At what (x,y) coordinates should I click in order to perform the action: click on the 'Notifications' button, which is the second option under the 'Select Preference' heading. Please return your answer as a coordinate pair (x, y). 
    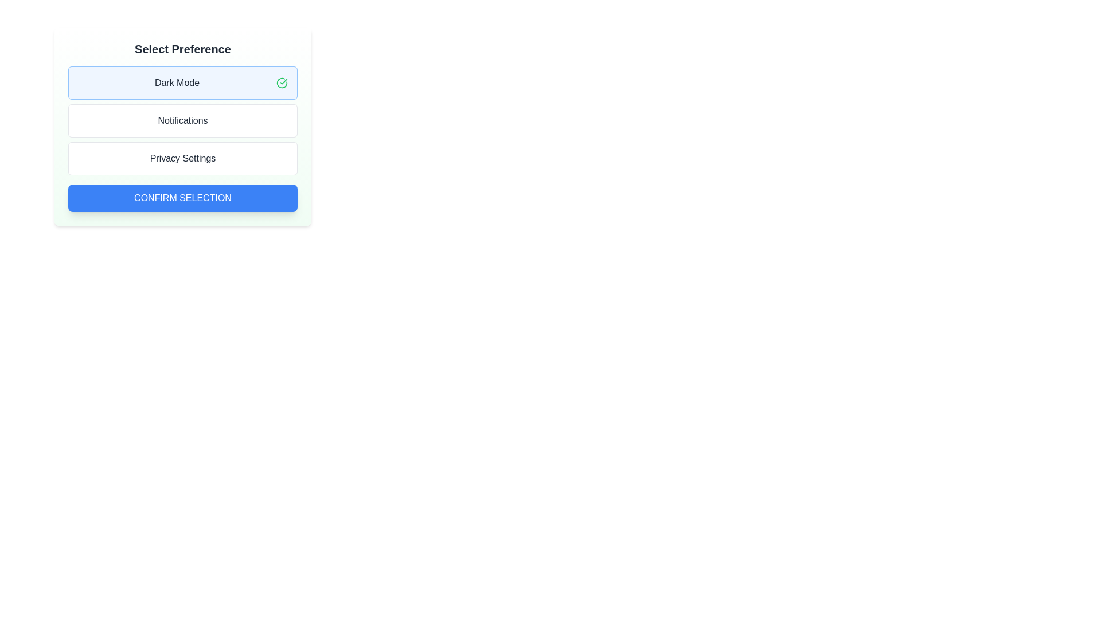
    Looking at the image, I should click on (182, 126).